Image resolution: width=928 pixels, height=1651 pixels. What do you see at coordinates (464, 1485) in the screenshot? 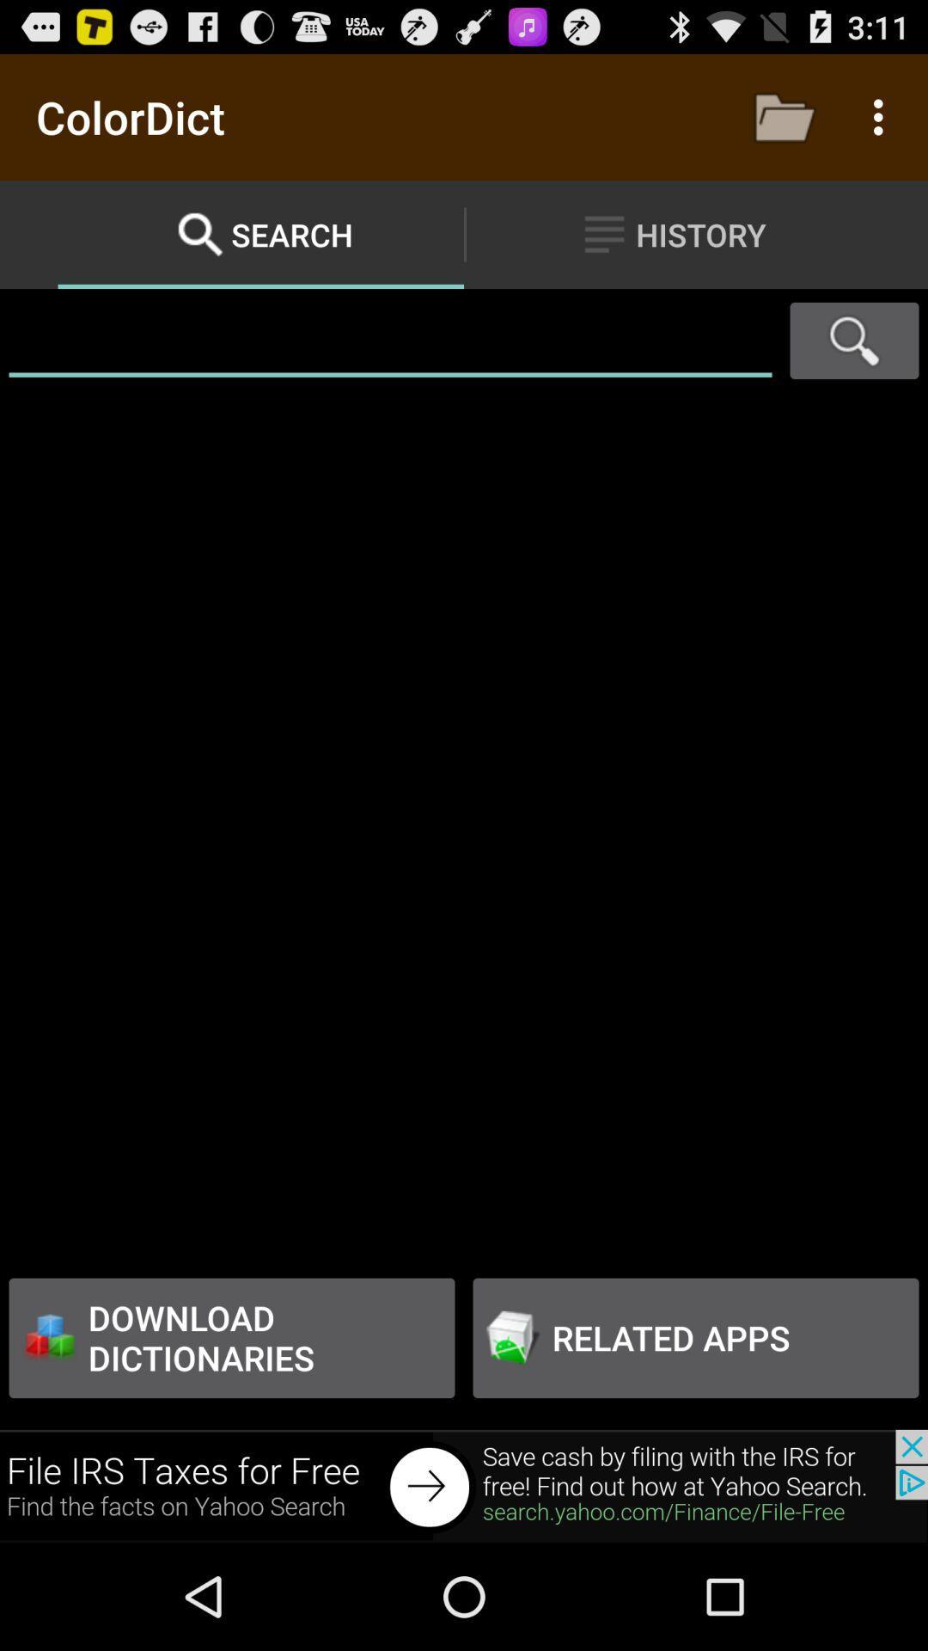
I see `advertisements image` at bounding box center [464, 1485].